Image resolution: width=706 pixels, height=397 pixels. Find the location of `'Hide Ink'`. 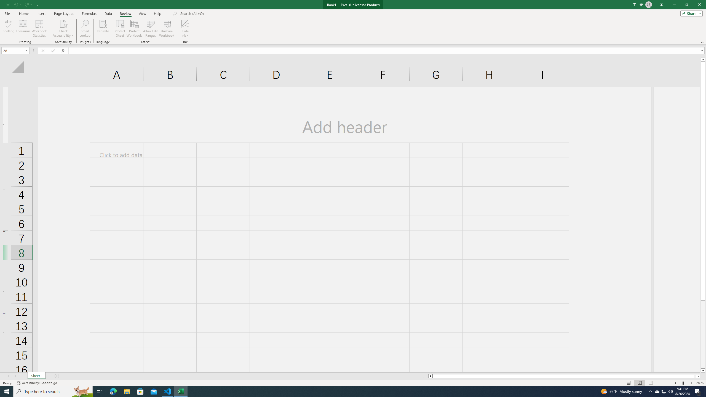

'Hide Ink' is located at coordinates (185, 28).